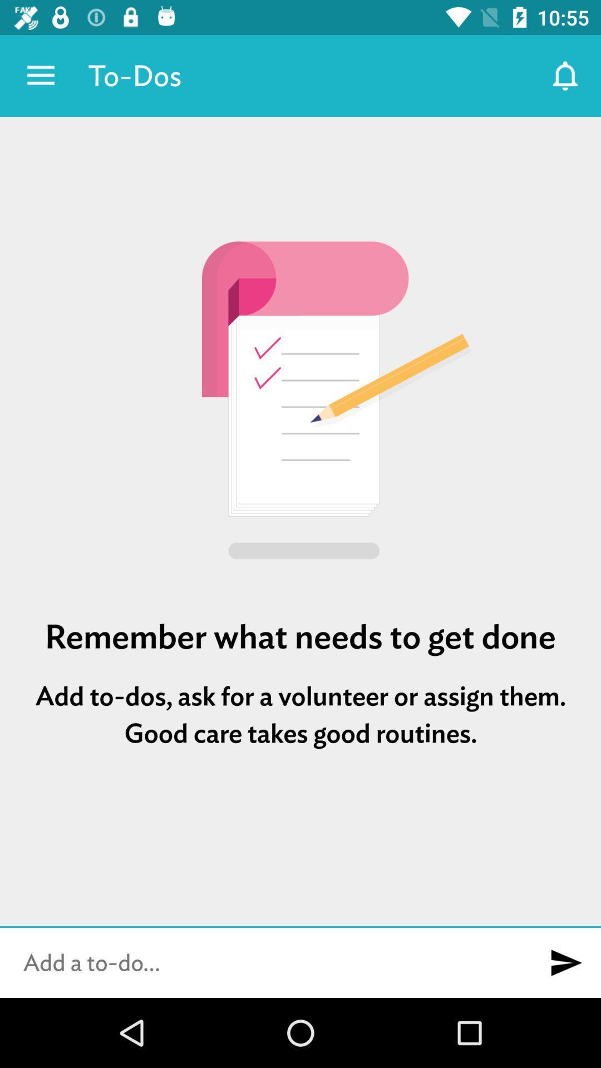 The height and width of the screenshot is (1068, 601). I want to click on the item to the right of to-dos icon, so click(566, 75).